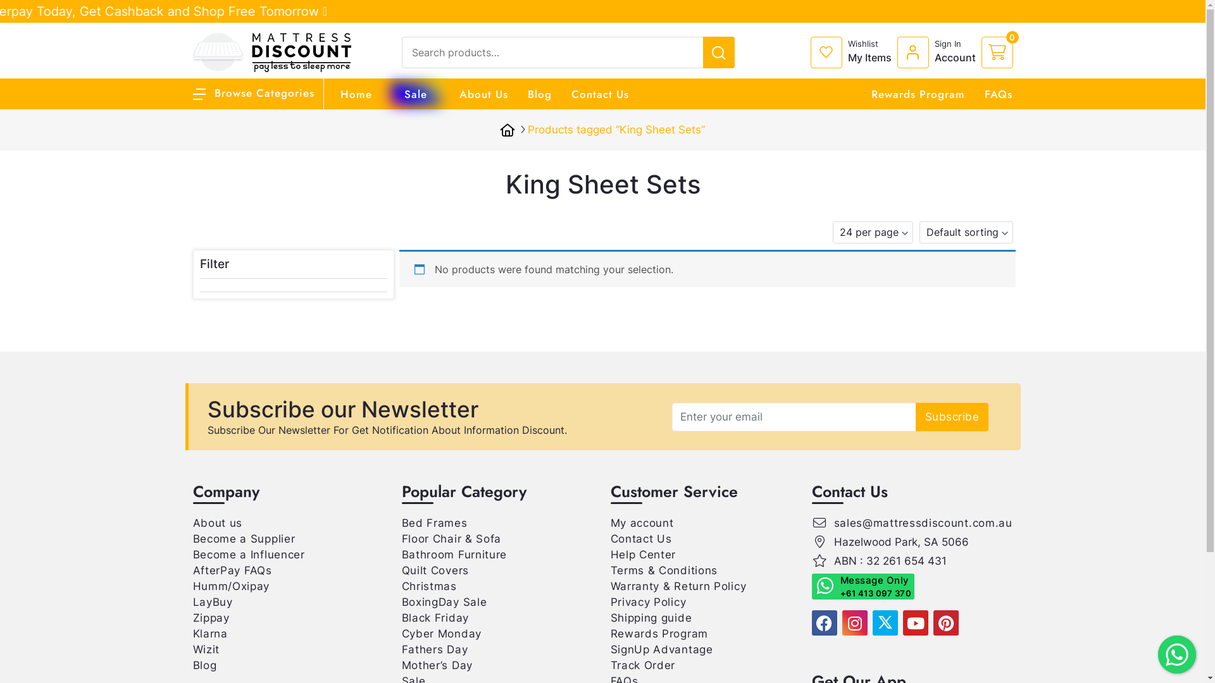  What do you see at coordinates (923, 522) in the screenshot?
I see `'sales@mattressdiscount.com.au'` at bounding box center [923, 522].